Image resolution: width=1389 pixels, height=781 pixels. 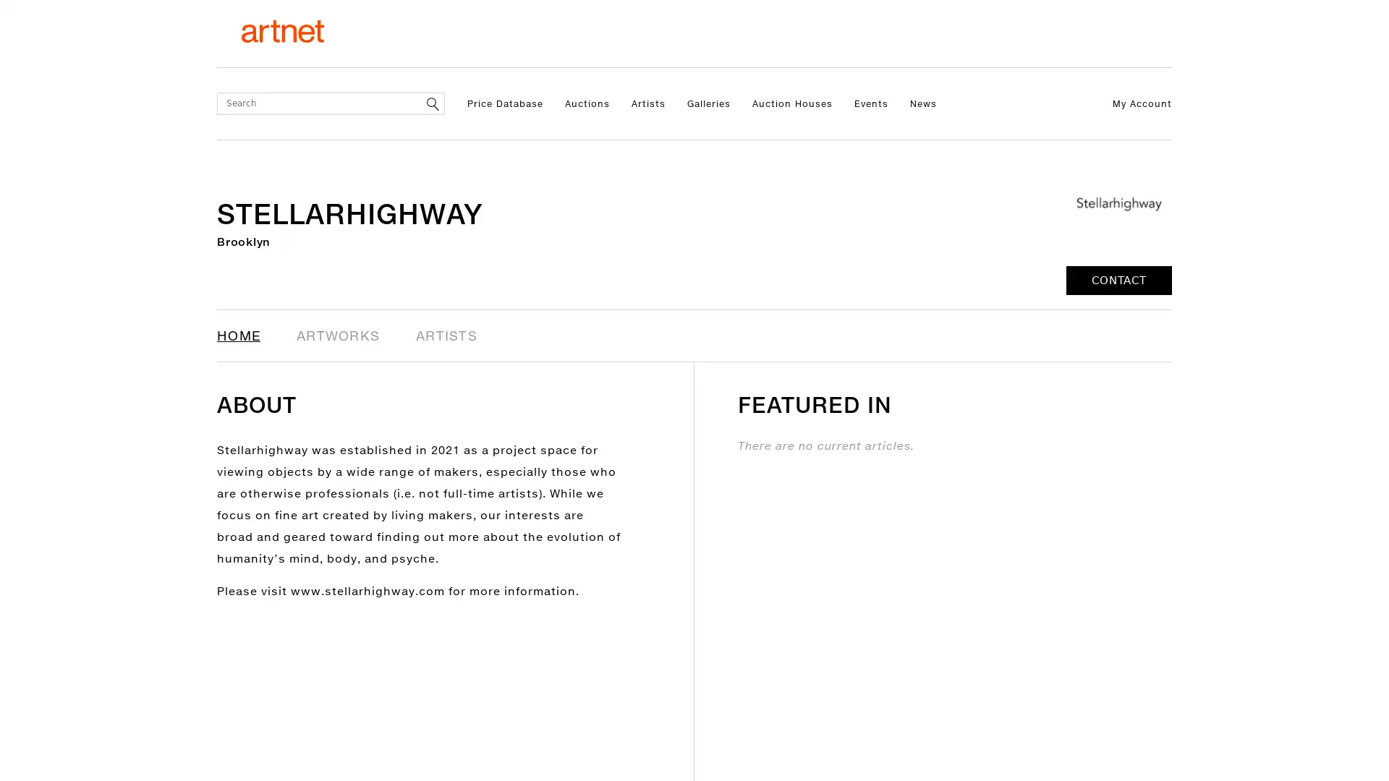 I want to click on CONTACT, so click(x=1118, y=281).